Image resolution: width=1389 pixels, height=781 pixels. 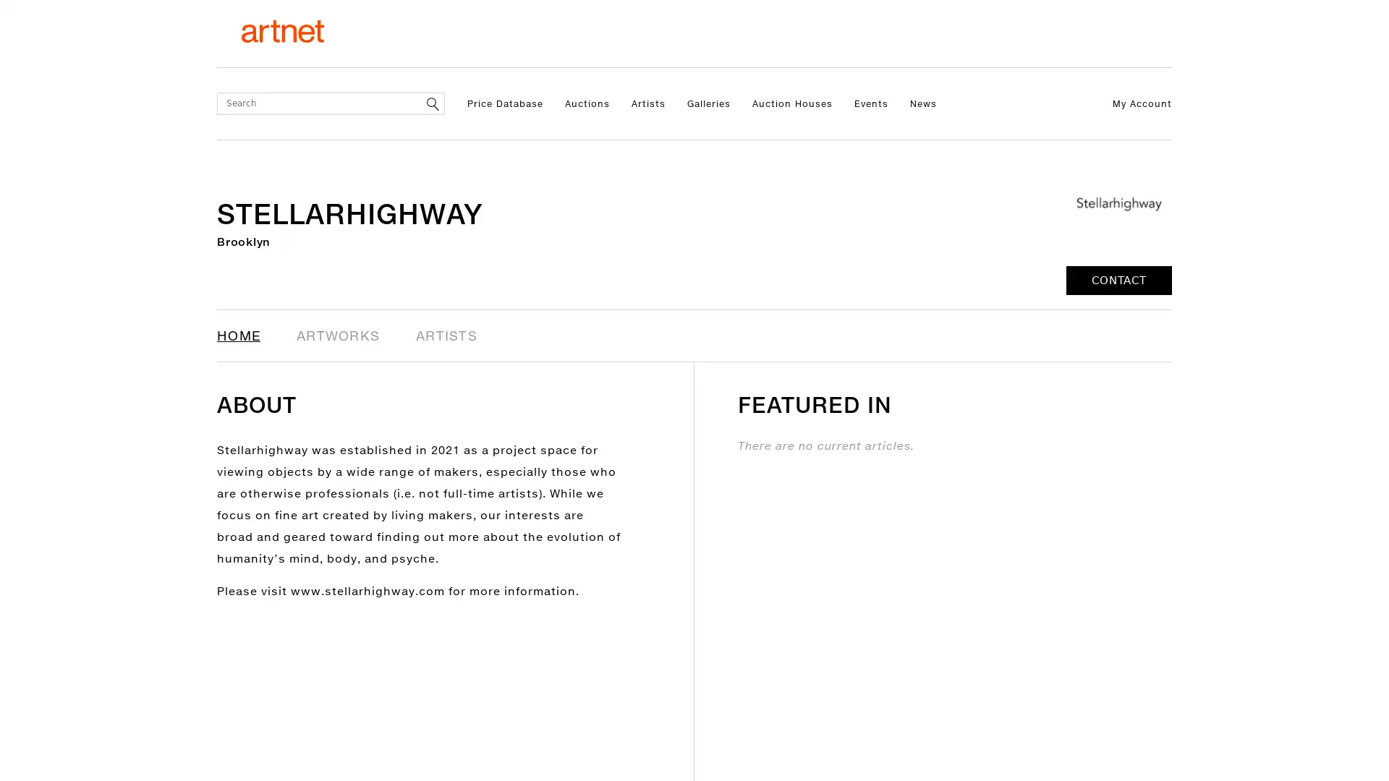 I want to click on CONTACT, so click(x=1118, y=281).